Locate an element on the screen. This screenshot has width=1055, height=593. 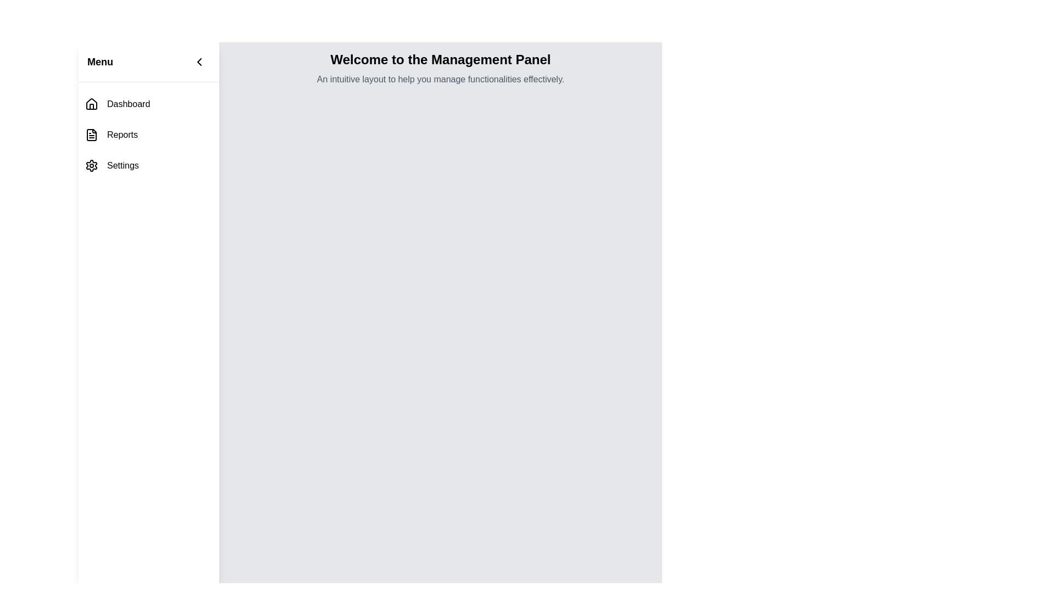
the 'Settings' text label in the navigation panel is located at coordinates (123, 165).